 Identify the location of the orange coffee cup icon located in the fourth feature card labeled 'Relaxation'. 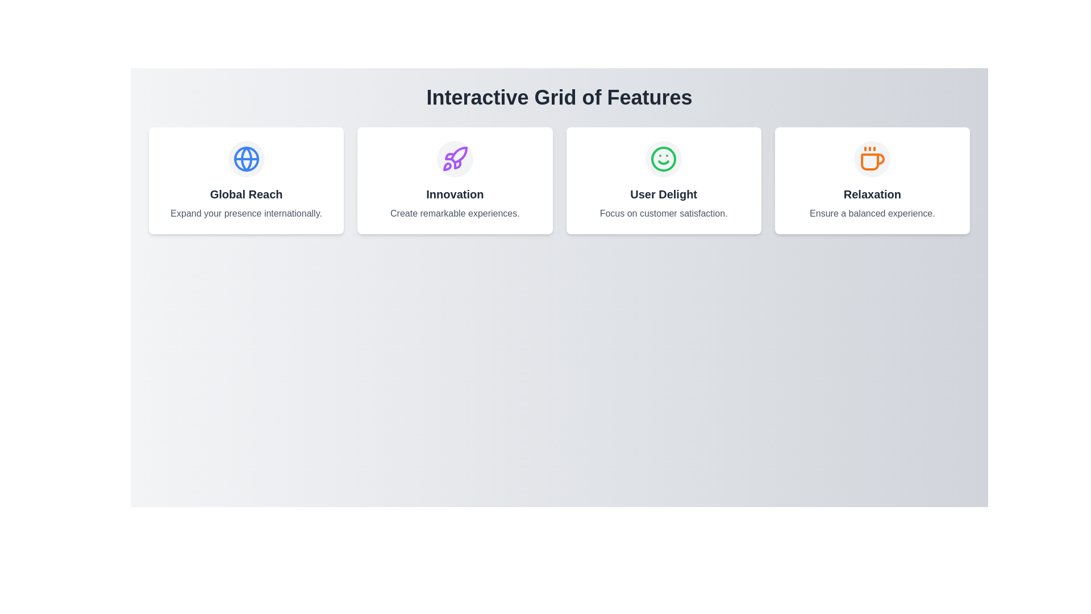
(872, 159).